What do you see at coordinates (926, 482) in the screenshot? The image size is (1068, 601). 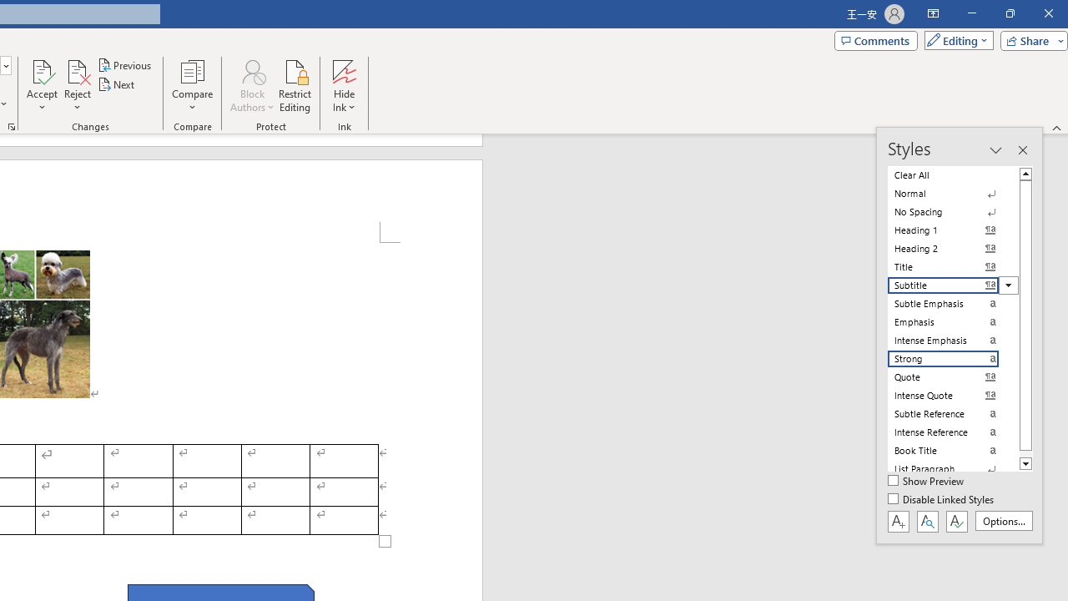 I see `'Show Preview'` at bounding box center [926, 482].